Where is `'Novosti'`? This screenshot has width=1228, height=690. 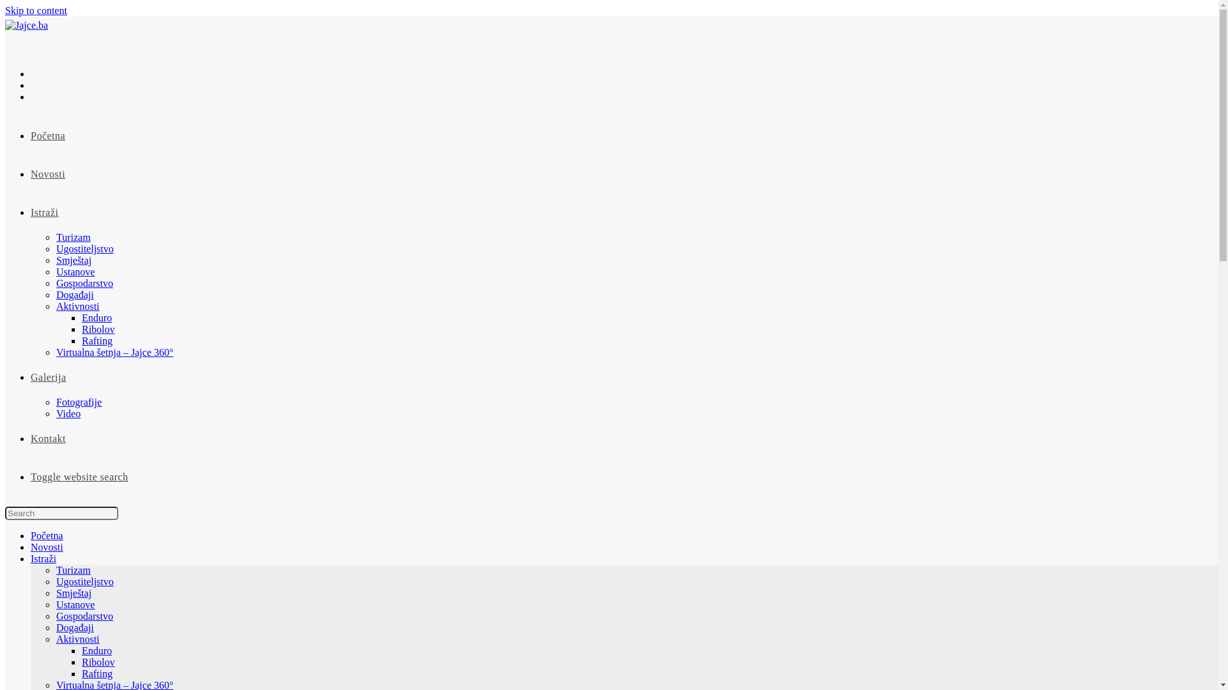
'Novosti' is located at coordinates (47, 546).